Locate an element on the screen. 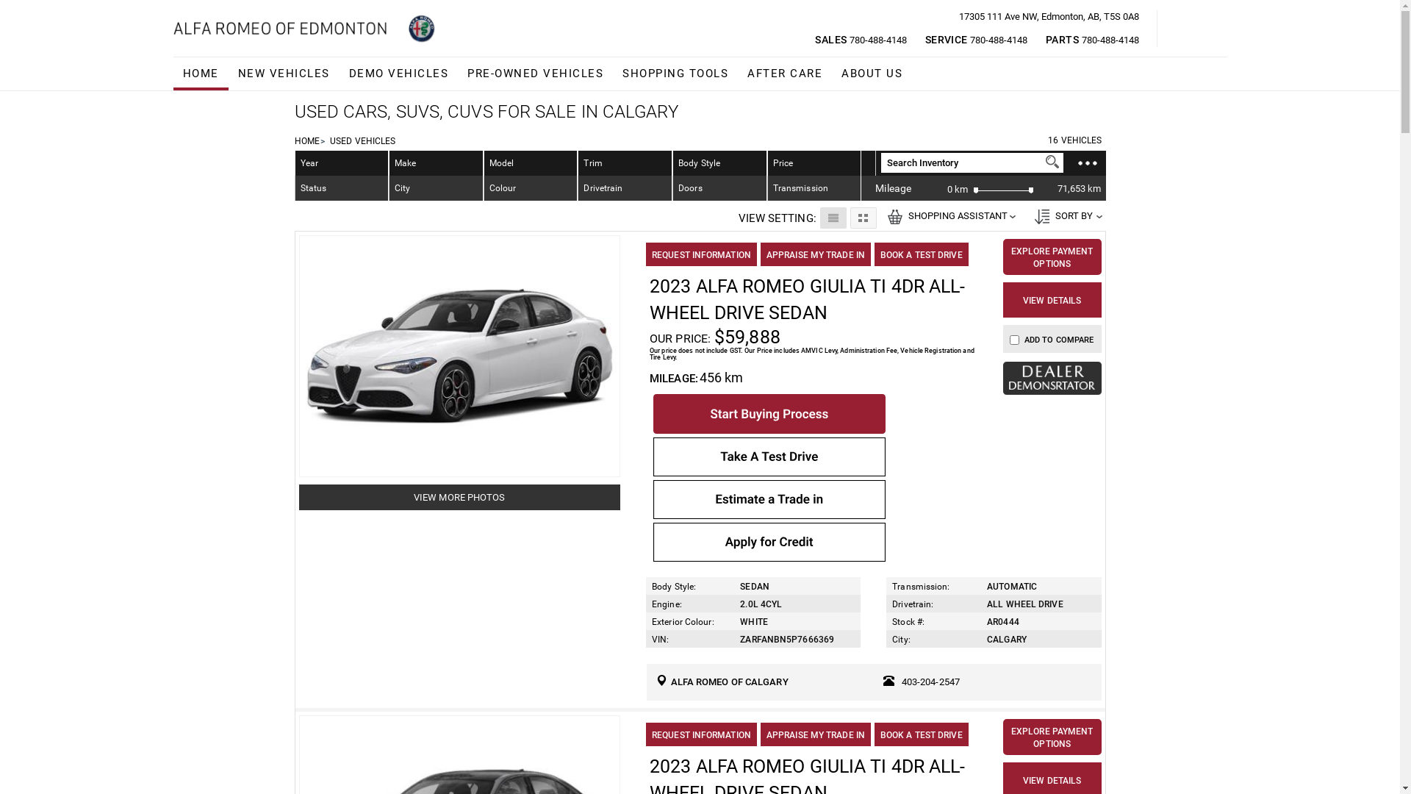 The height and width of the screenshot is (794, 1411). '403-204-2547' is located at coordinates (930, 682).